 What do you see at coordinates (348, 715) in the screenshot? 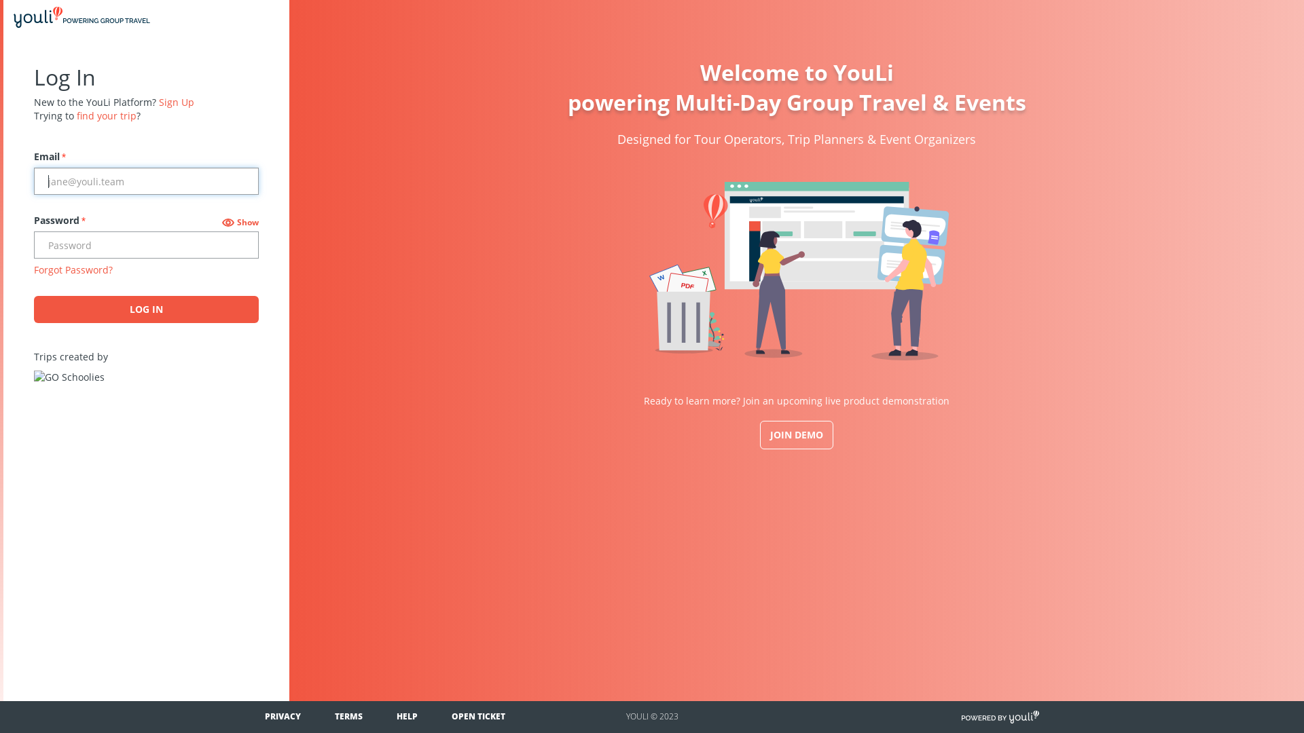
I see `'TERMS'` at bounding box center [348, 715].